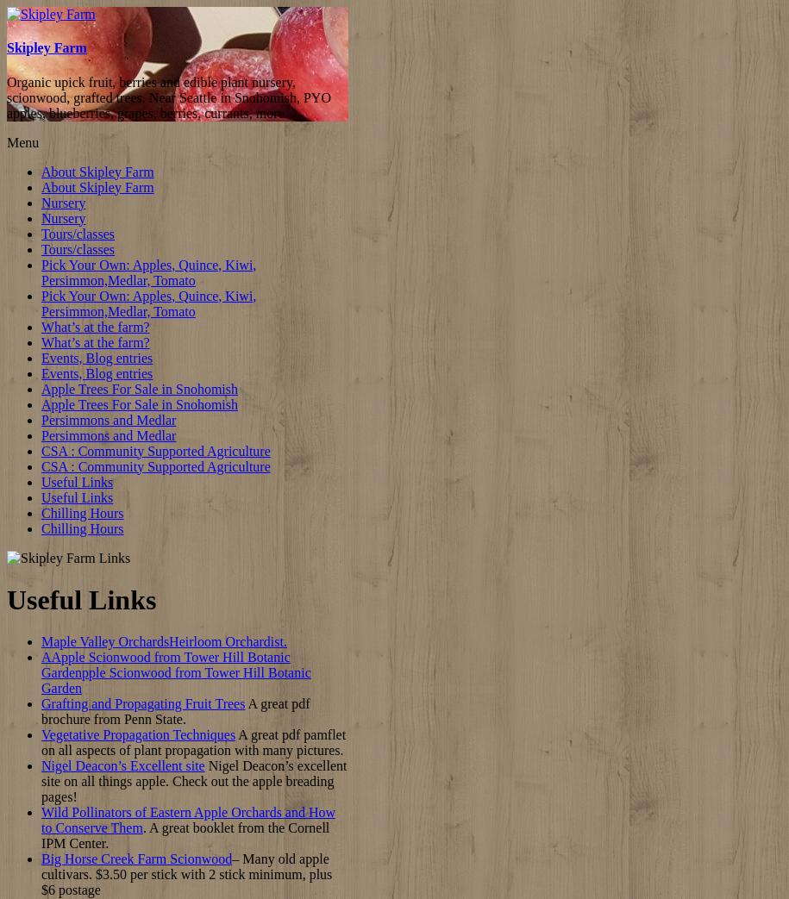 Image resolution: width=789 pixels, height=899 pixels. What do you see at coordinates (6, 47) in the screenshot?
I see `'Skipley Farm'` at bounding box center [6, 47].